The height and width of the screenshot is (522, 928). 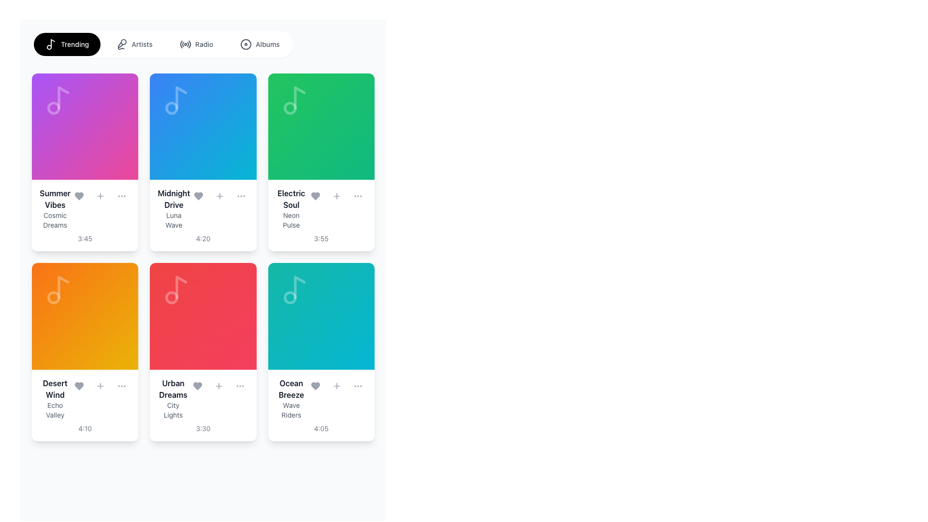 I want to click on the title text 'Electric Soul' displayed in bold, dark gray color, which is located within the third card of the first row in a grid layout, positioned above the subtitle 'Neon Pulse', so click(x=290, y=199).